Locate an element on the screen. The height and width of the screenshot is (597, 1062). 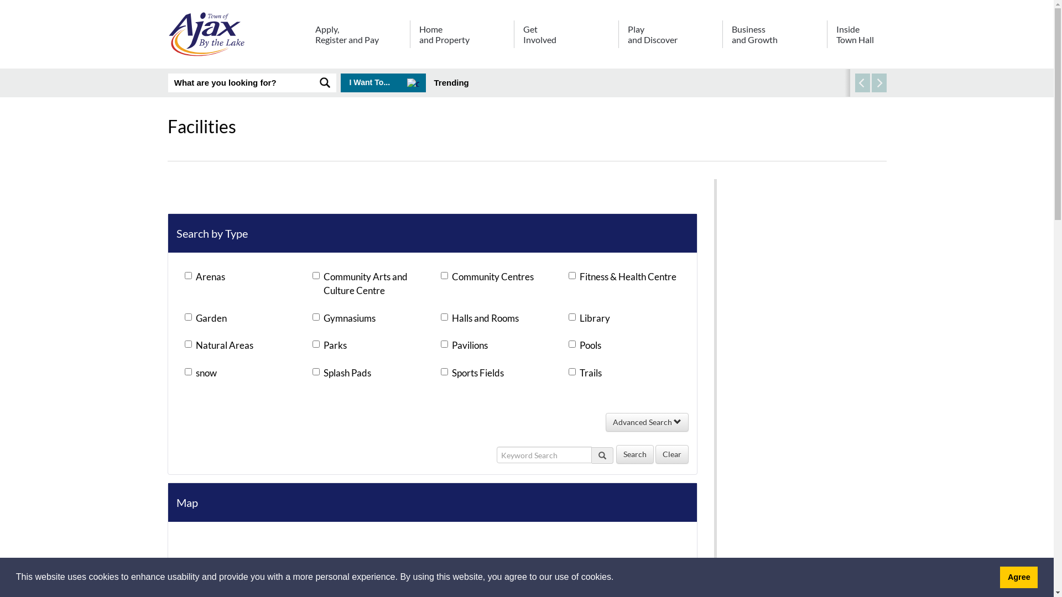
'Search' is located at coordinates (634, 454).